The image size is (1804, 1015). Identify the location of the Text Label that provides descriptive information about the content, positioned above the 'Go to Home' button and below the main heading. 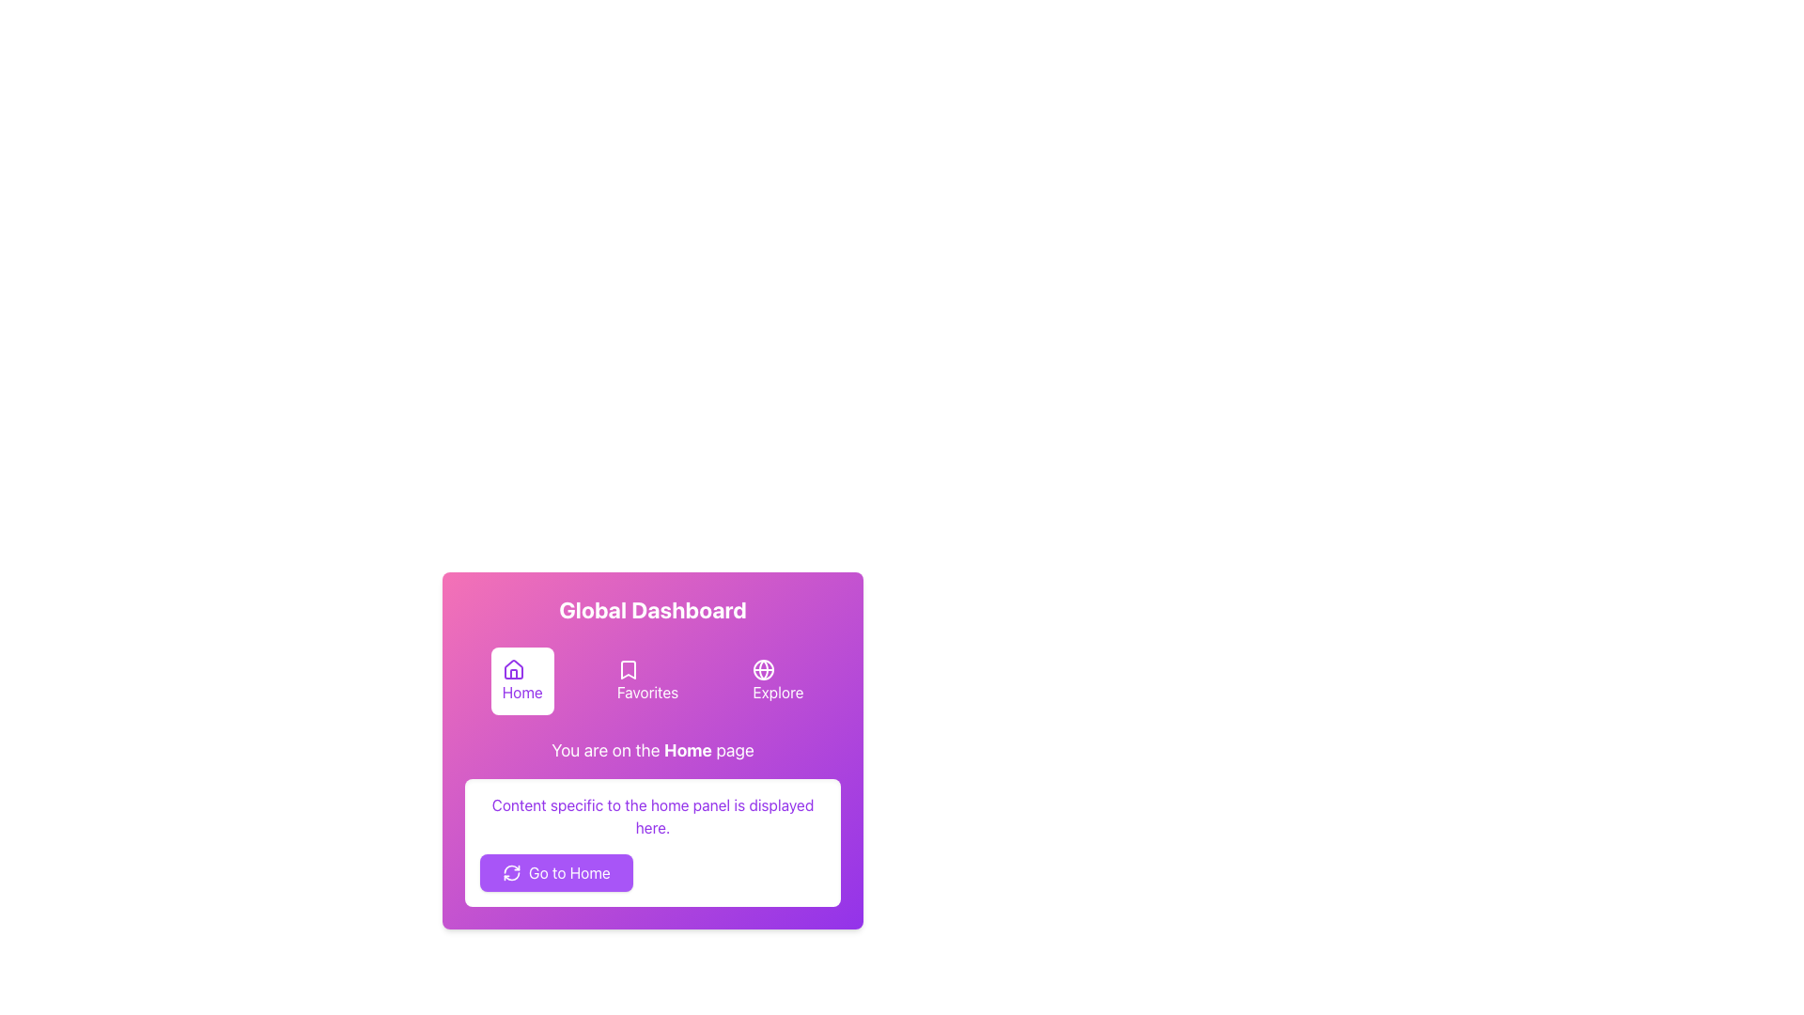
(653, 815).